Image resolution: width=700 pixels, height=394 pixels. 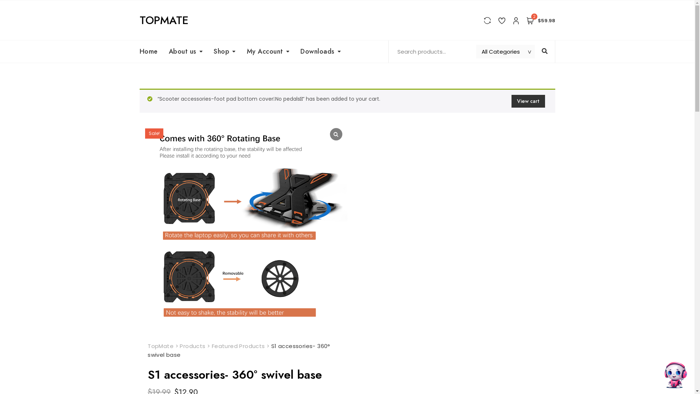 What do you see at coordinates (163, 20) in the screenshot?
I see `'TOPMATE'` at bounding box center [163, 20].